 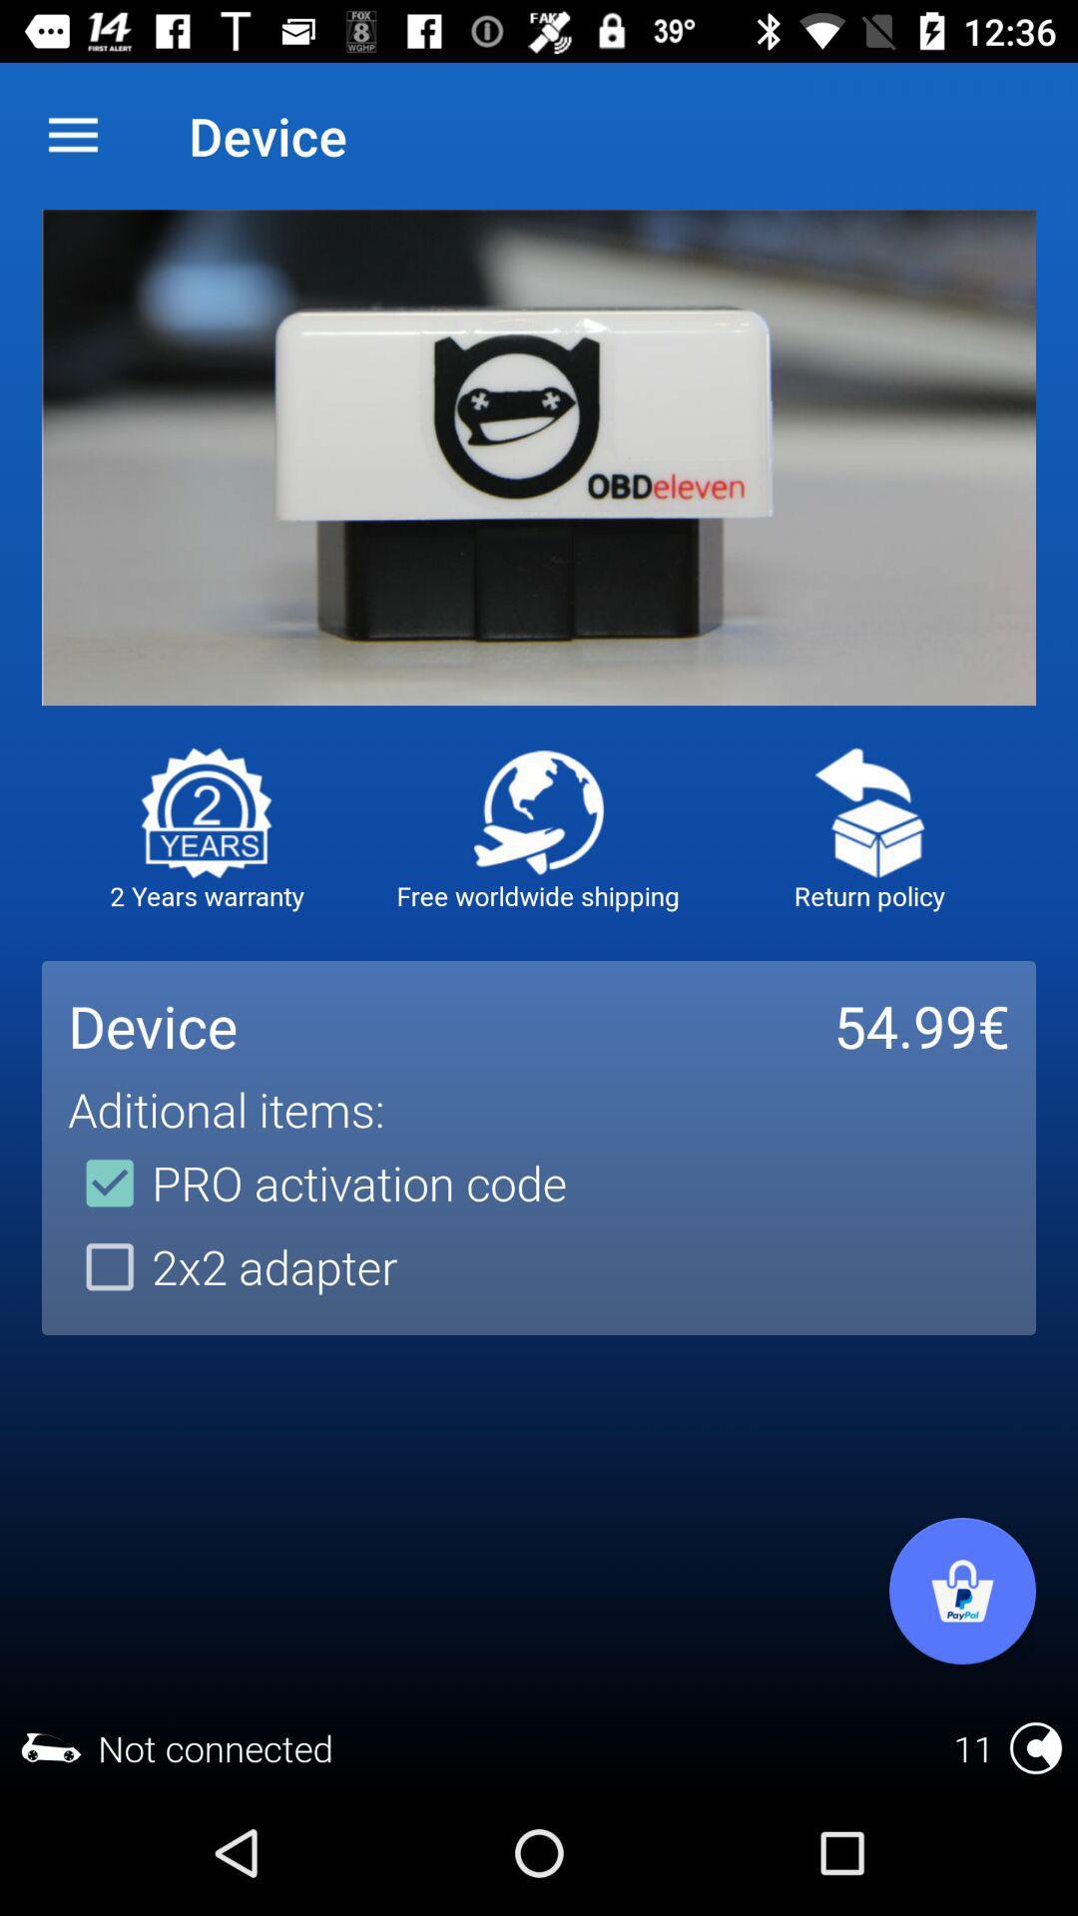 I want to click on the pro activation code item, so click(x=316, y=1183).